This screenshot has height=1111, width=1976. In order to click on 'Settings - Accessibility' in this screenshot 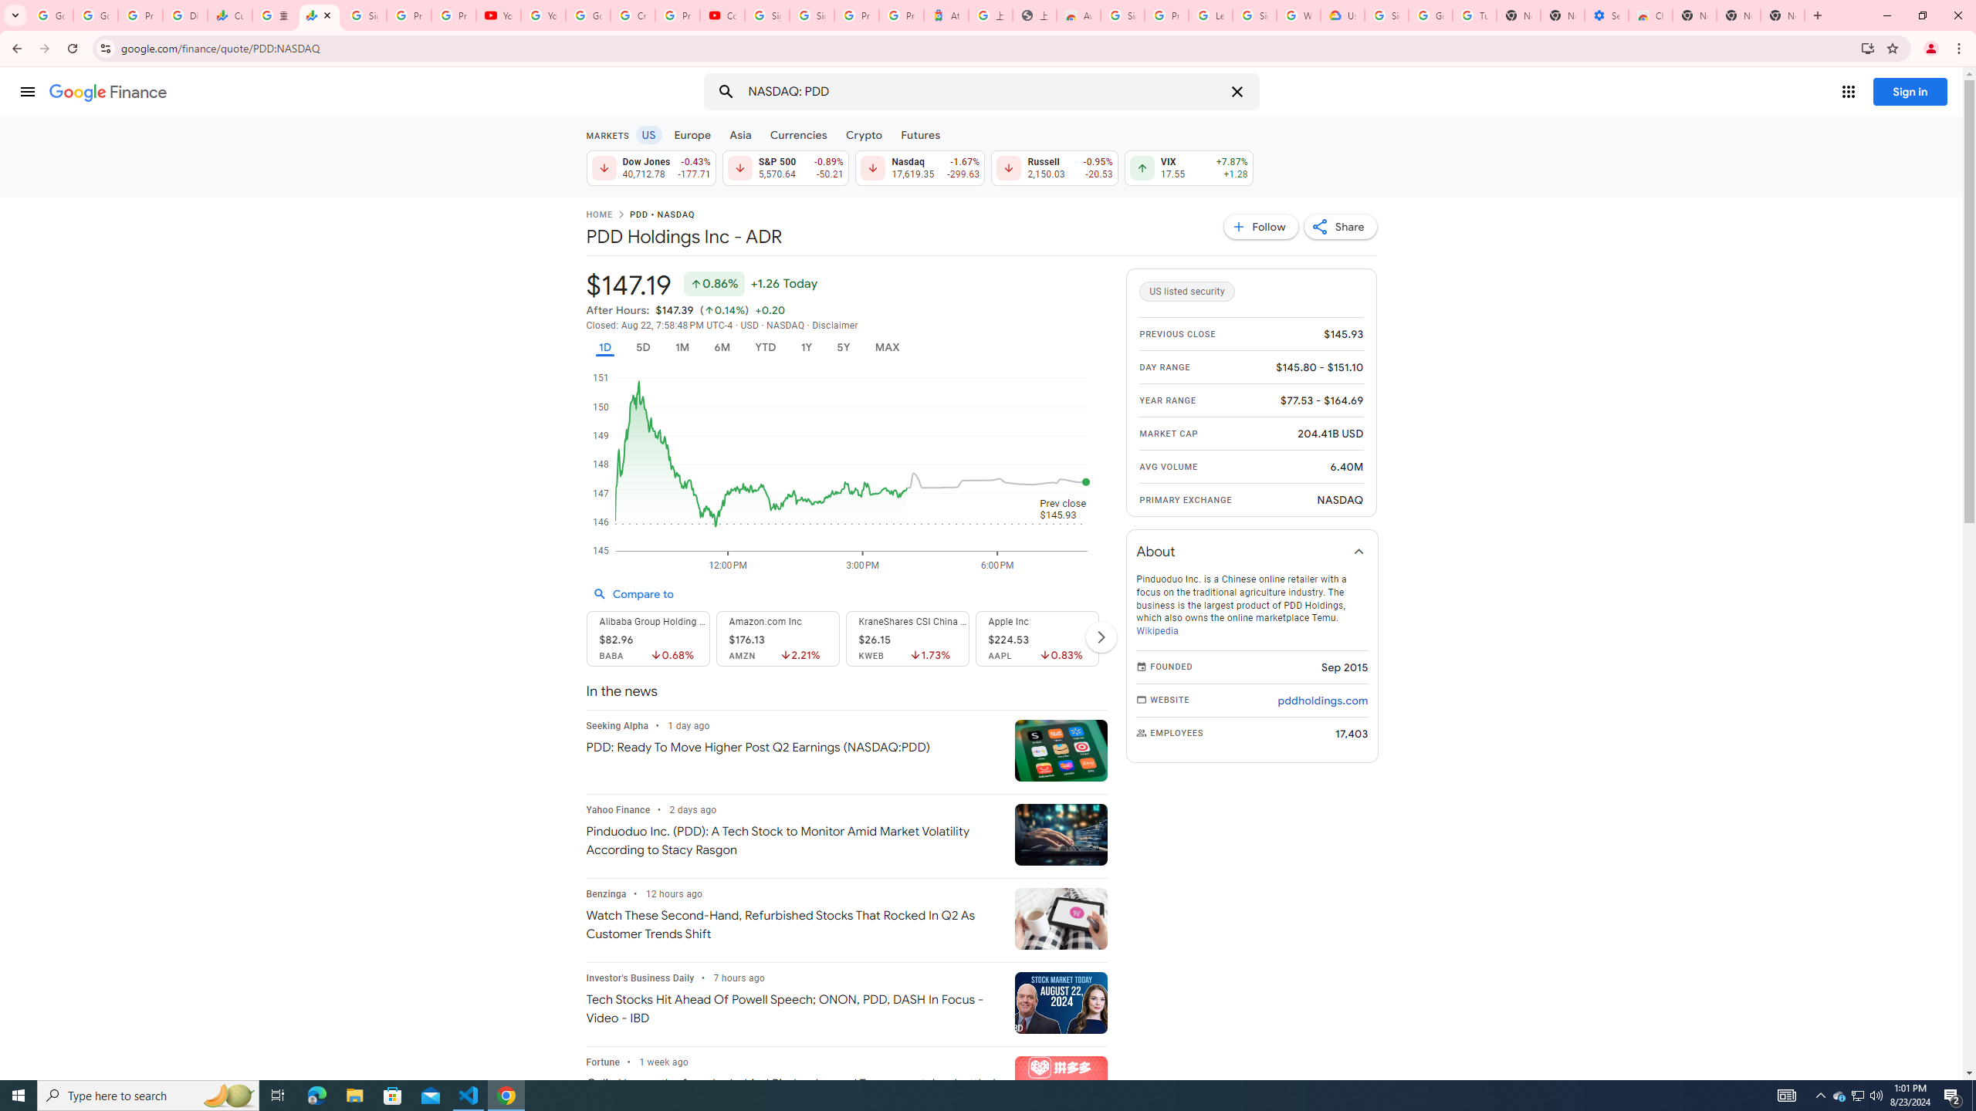, I will do `click(1605, 15)`.